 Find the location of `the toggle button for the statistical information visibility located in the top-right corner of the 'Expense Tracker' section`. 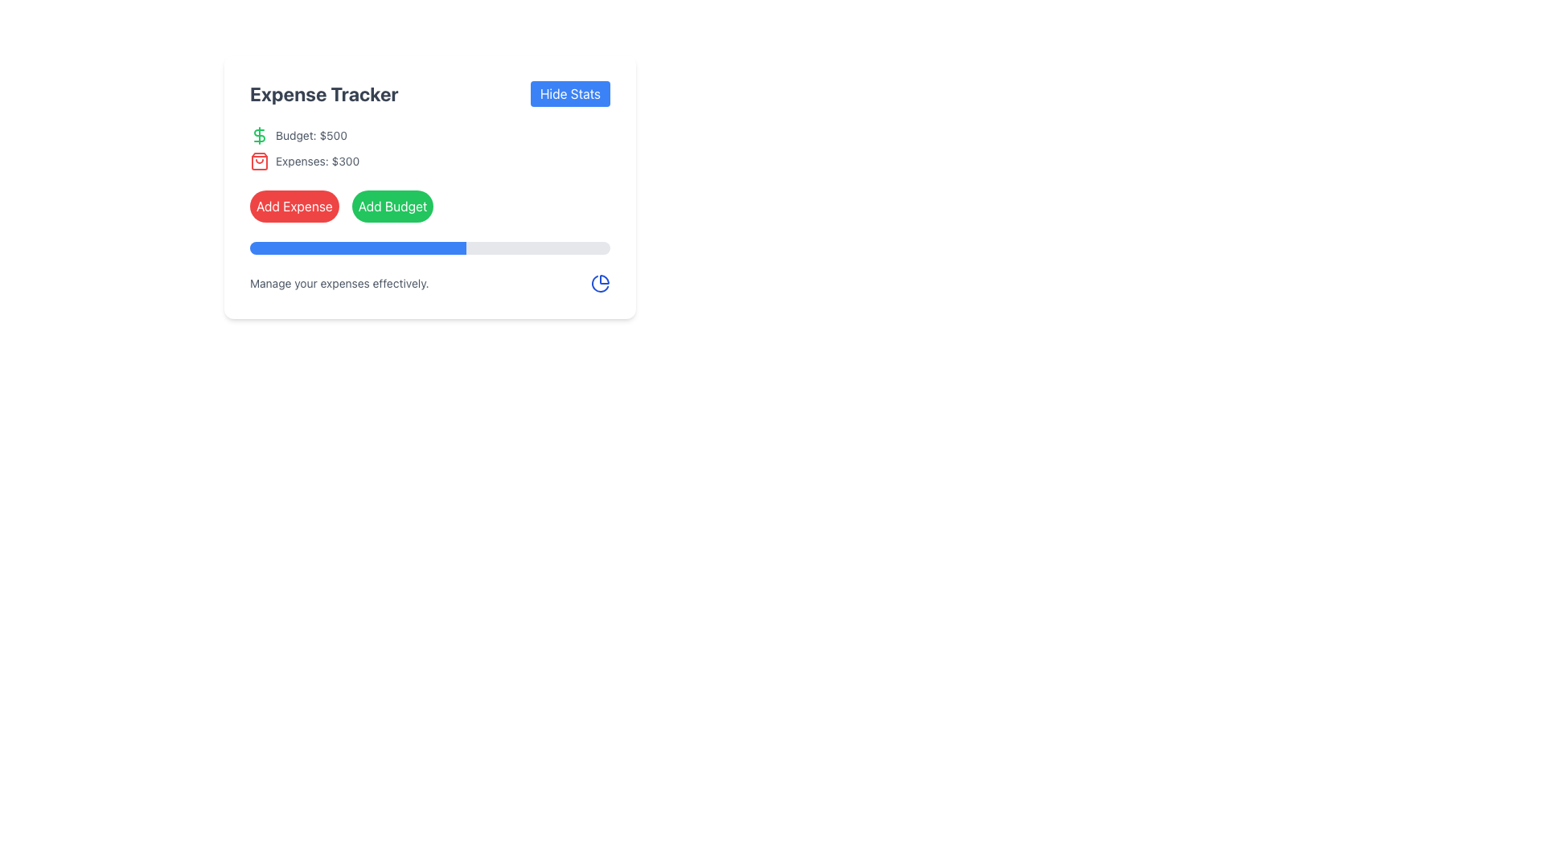

the toggle button for the statistical information visibility located in the top-right corner of the 'Expense Tracker' section is located at coordinates (570, 93).